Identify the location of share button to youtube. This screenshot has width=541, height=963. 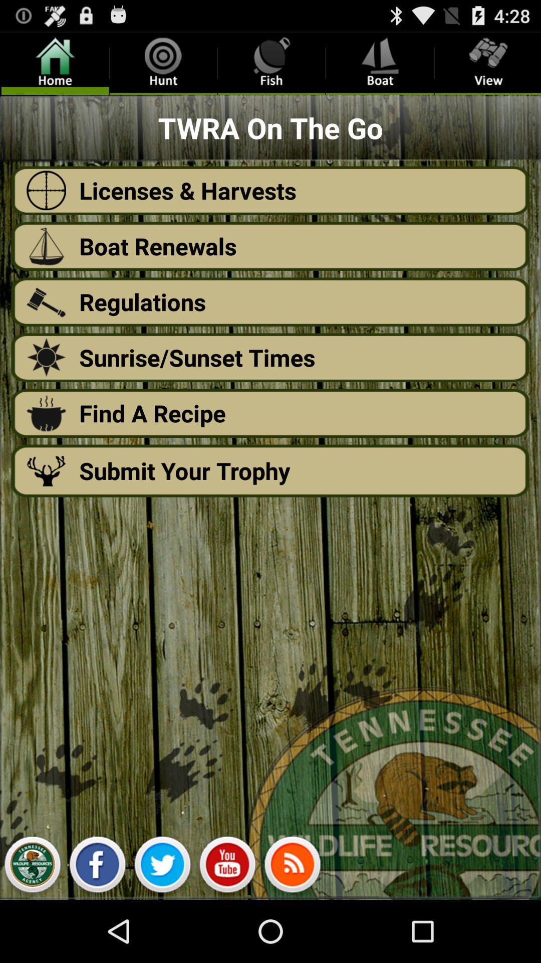
(227, 867).